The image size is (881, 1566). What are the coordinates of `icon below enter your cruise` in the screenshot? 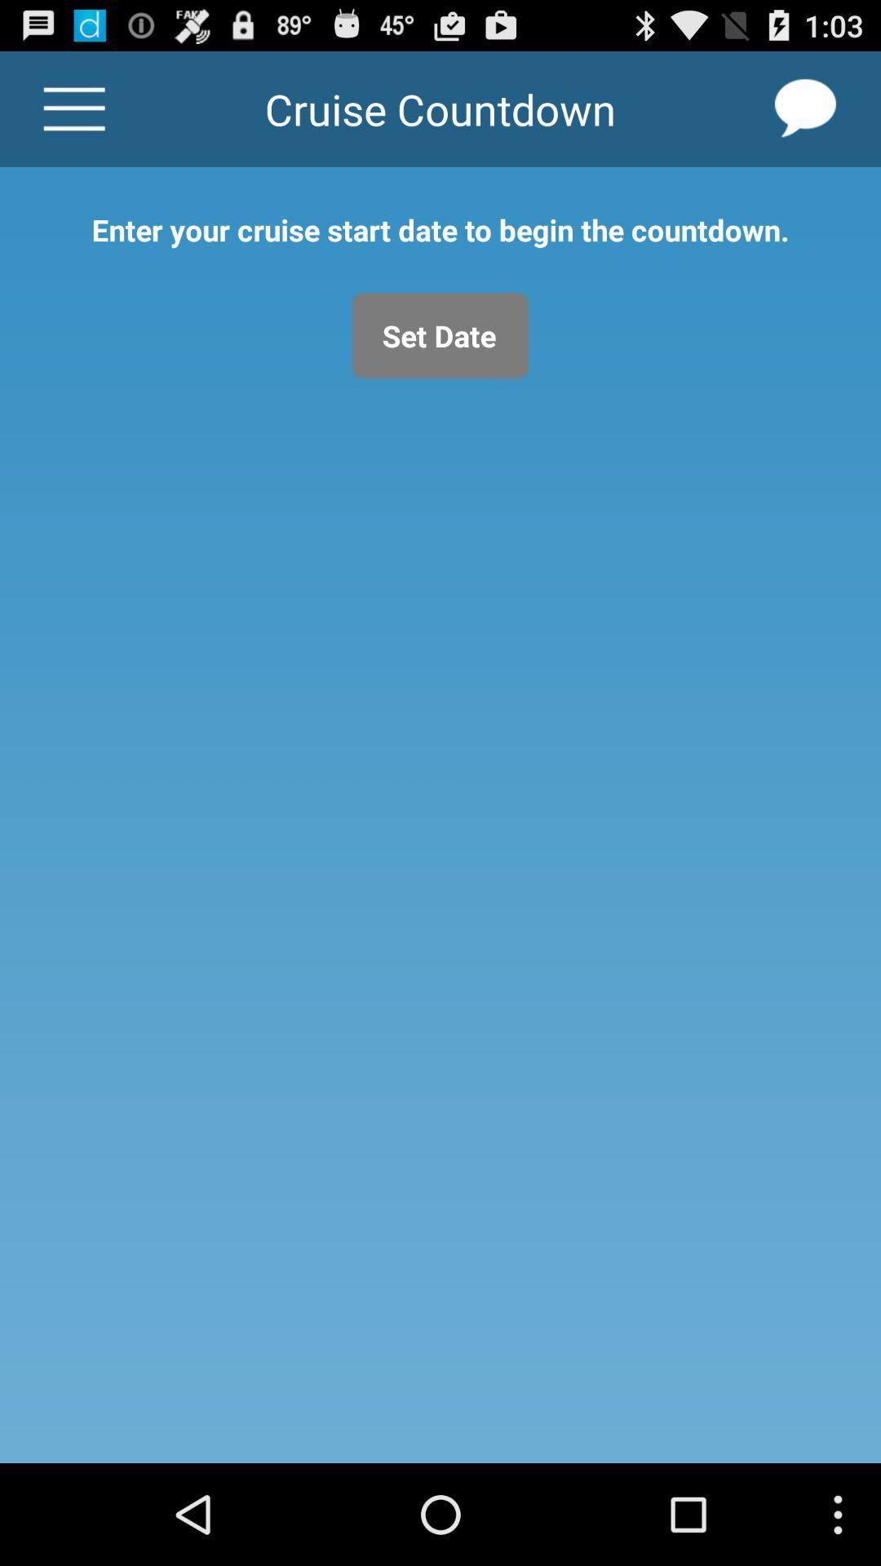 It's located at (440, 334).